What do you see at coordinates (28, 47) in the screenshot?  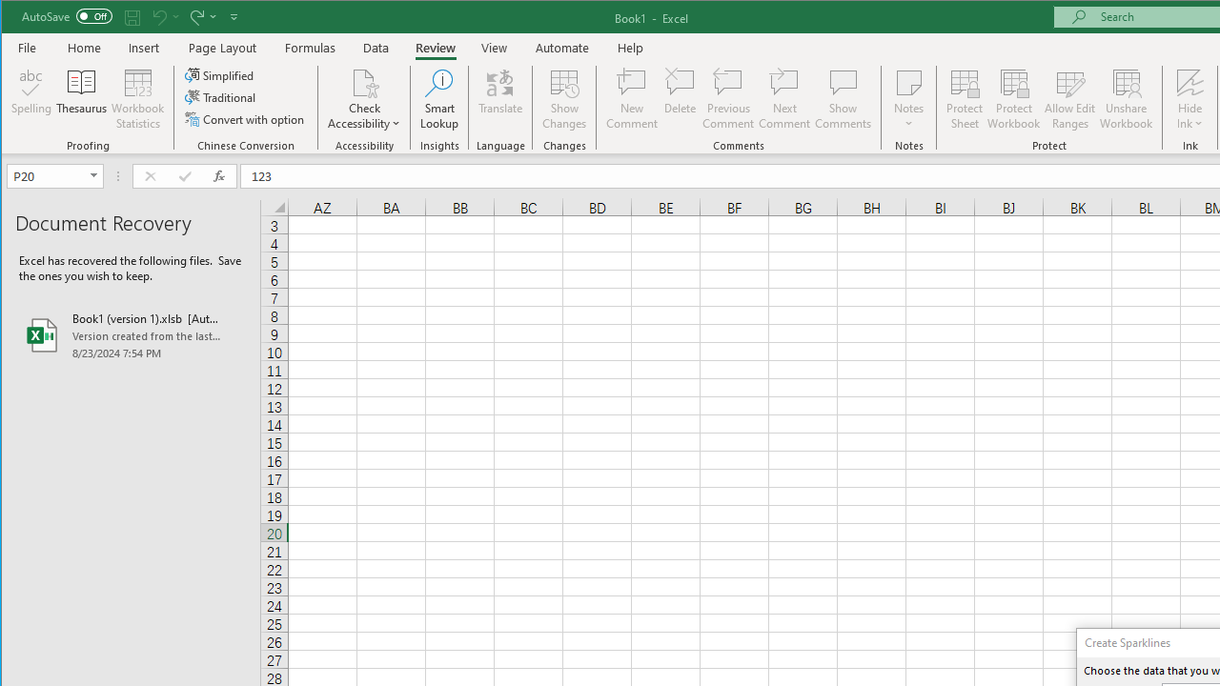 I see `'File Tab'` at bounding box center [28, 47].